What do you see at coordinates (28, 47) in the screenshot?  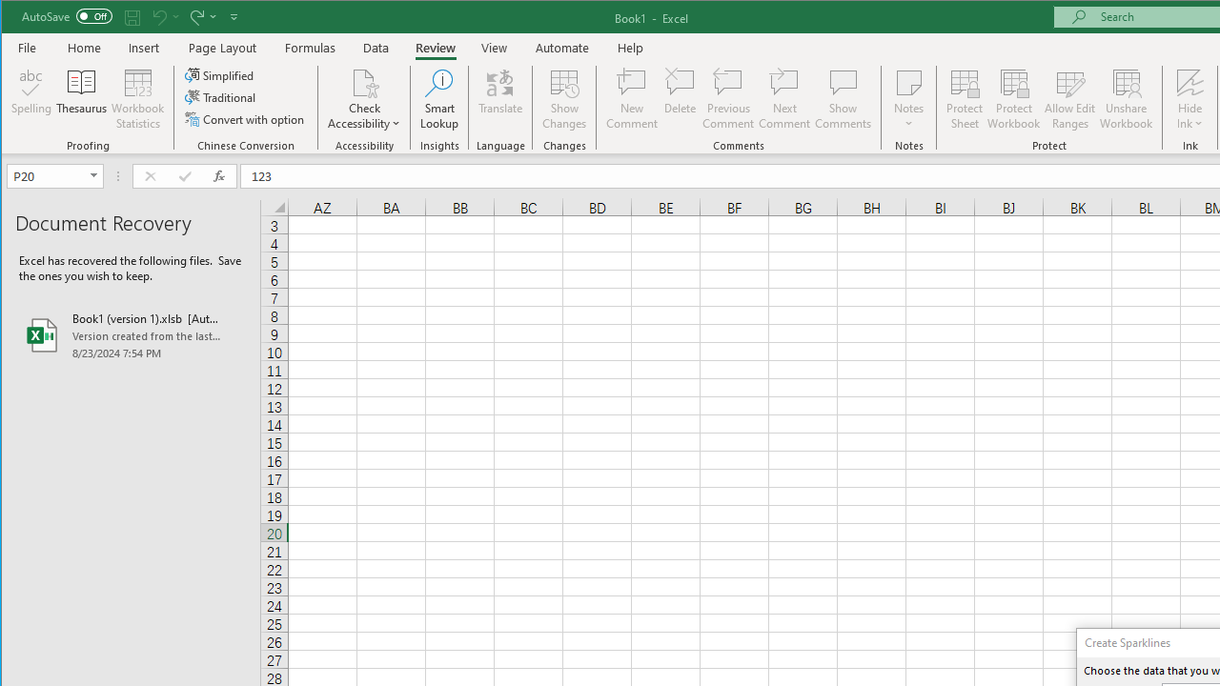 I see `'File Tab'` at bounding box center [28, 47].